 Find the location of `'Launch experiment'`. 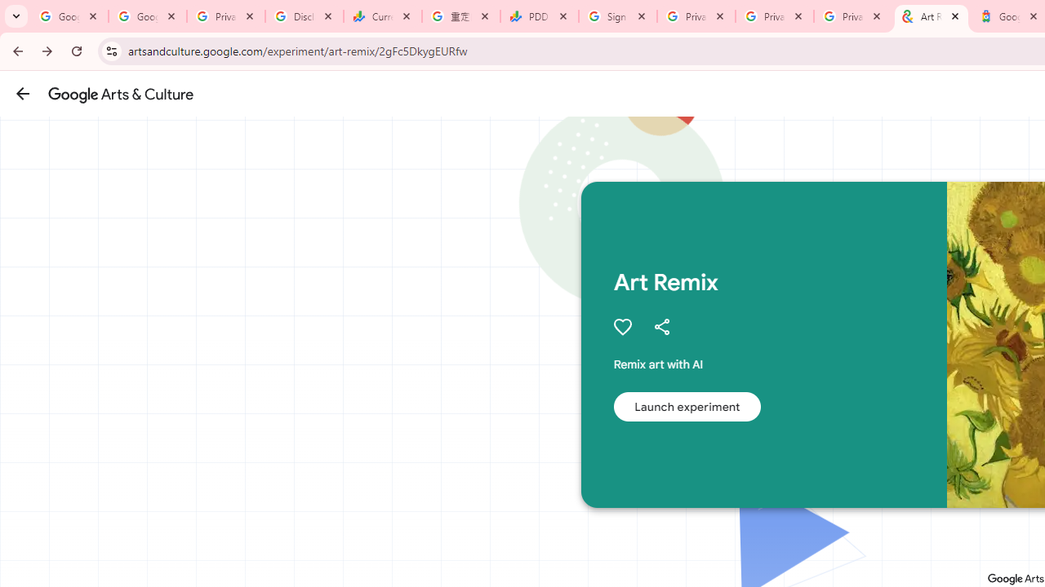

'Launch experiment' is located at coordinates (687, 405).